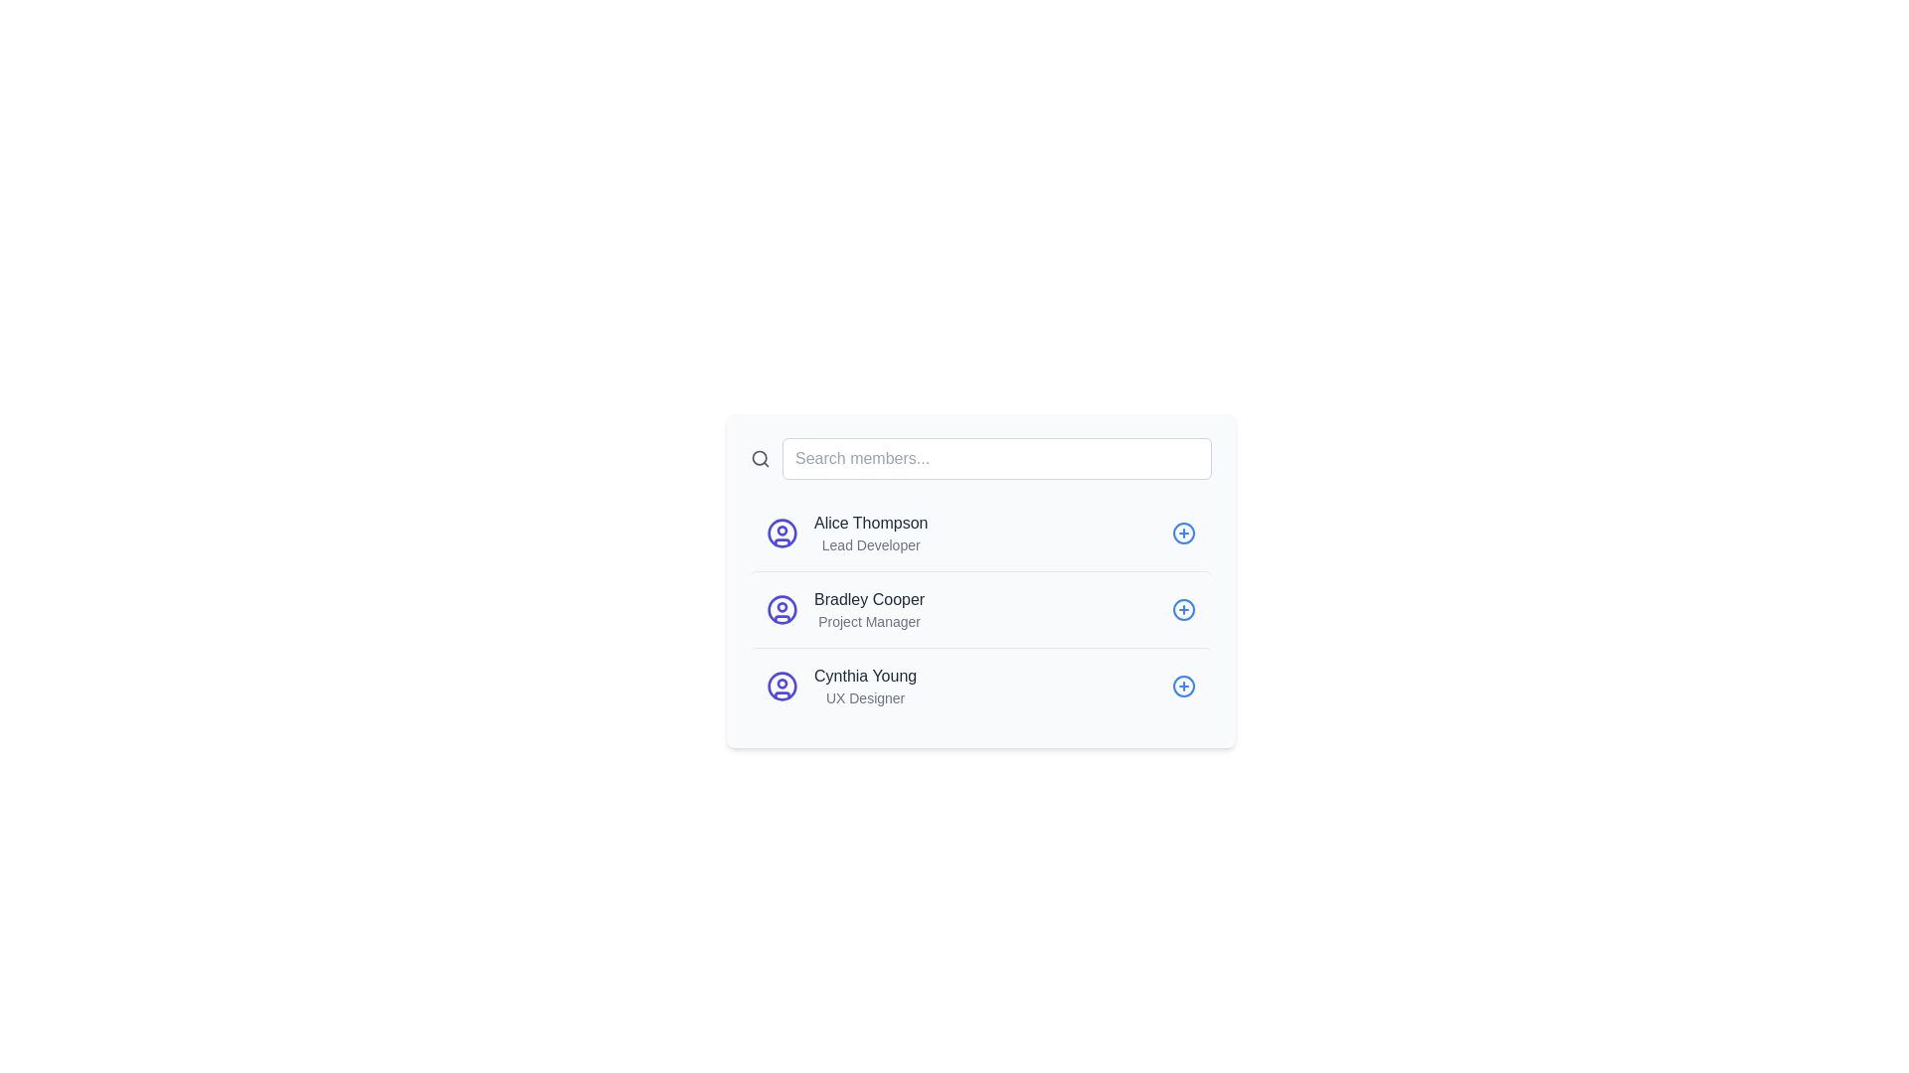  I want to click on the user profile display for 'Bradley Cooper', which includes a circular indigo icon and a name with the title 'Project Manager', to see options, so click(845, 608).